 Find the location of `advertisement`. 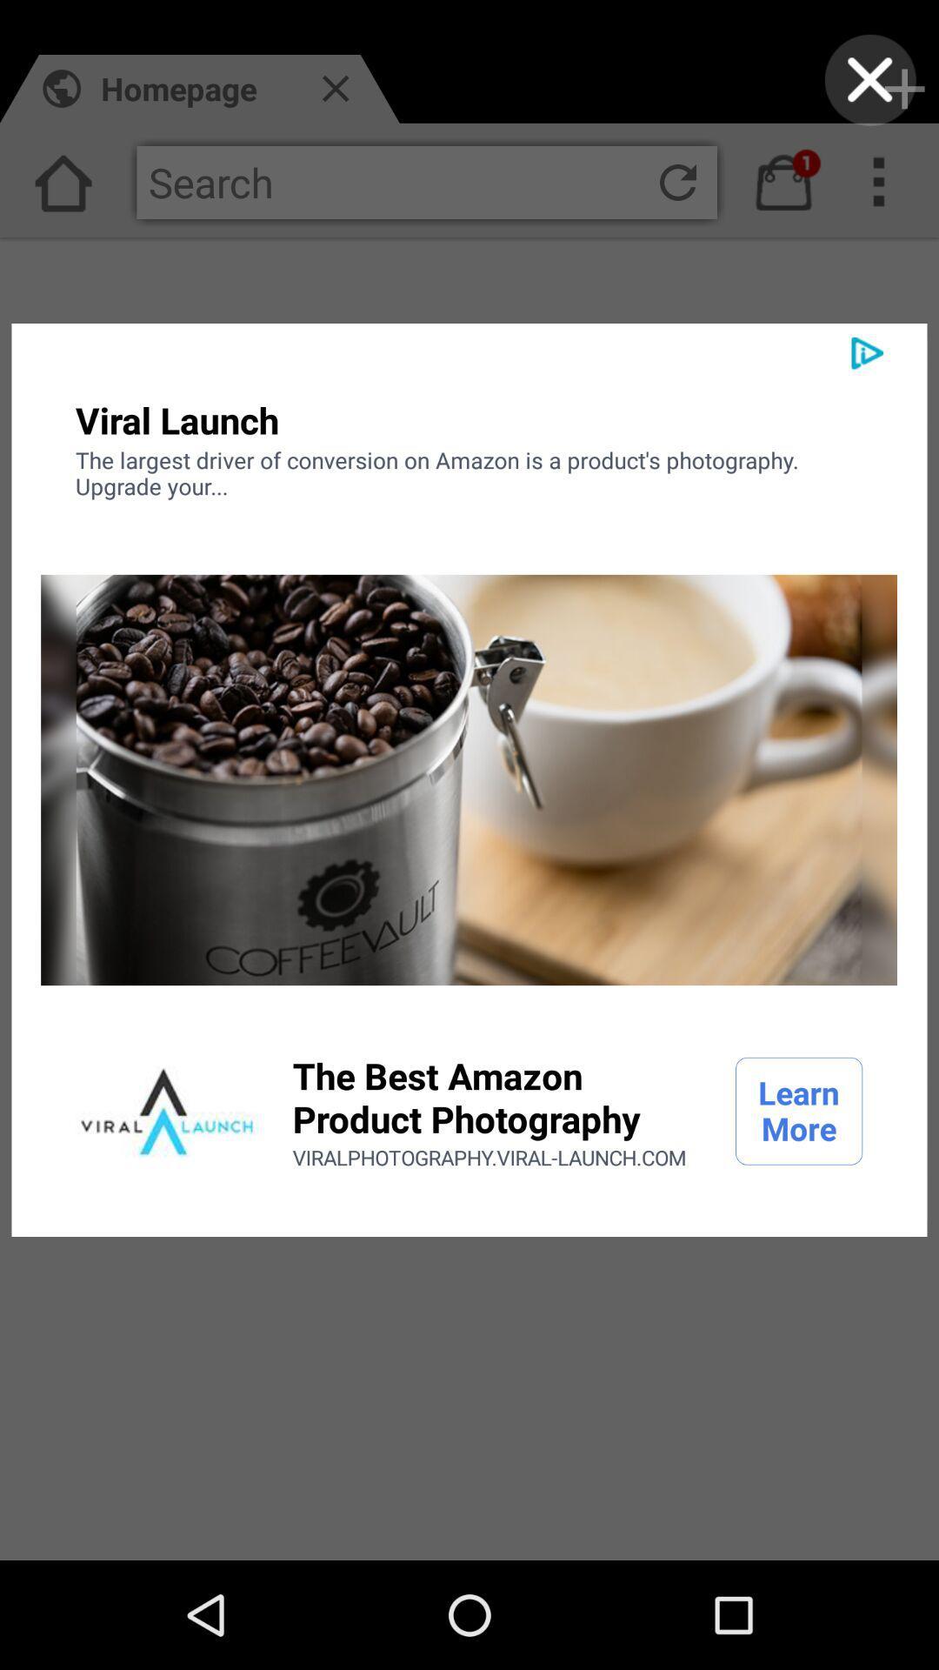

advertisement is located at coordinates (870, 79).